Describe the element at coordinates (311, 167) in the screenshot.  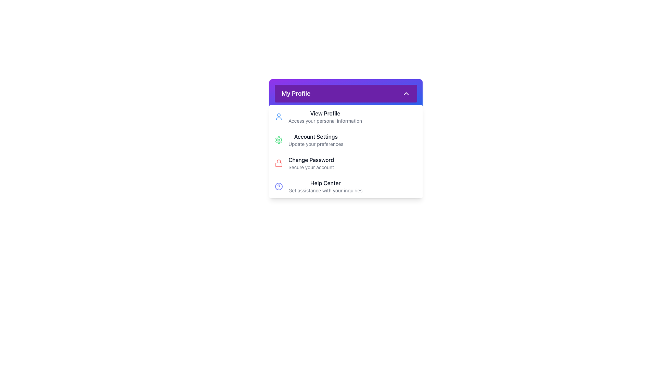
I see `descriptive text label located under the 'Change Password' section in the 'My Profile' area, which provides guidance for changing the password` at that location.